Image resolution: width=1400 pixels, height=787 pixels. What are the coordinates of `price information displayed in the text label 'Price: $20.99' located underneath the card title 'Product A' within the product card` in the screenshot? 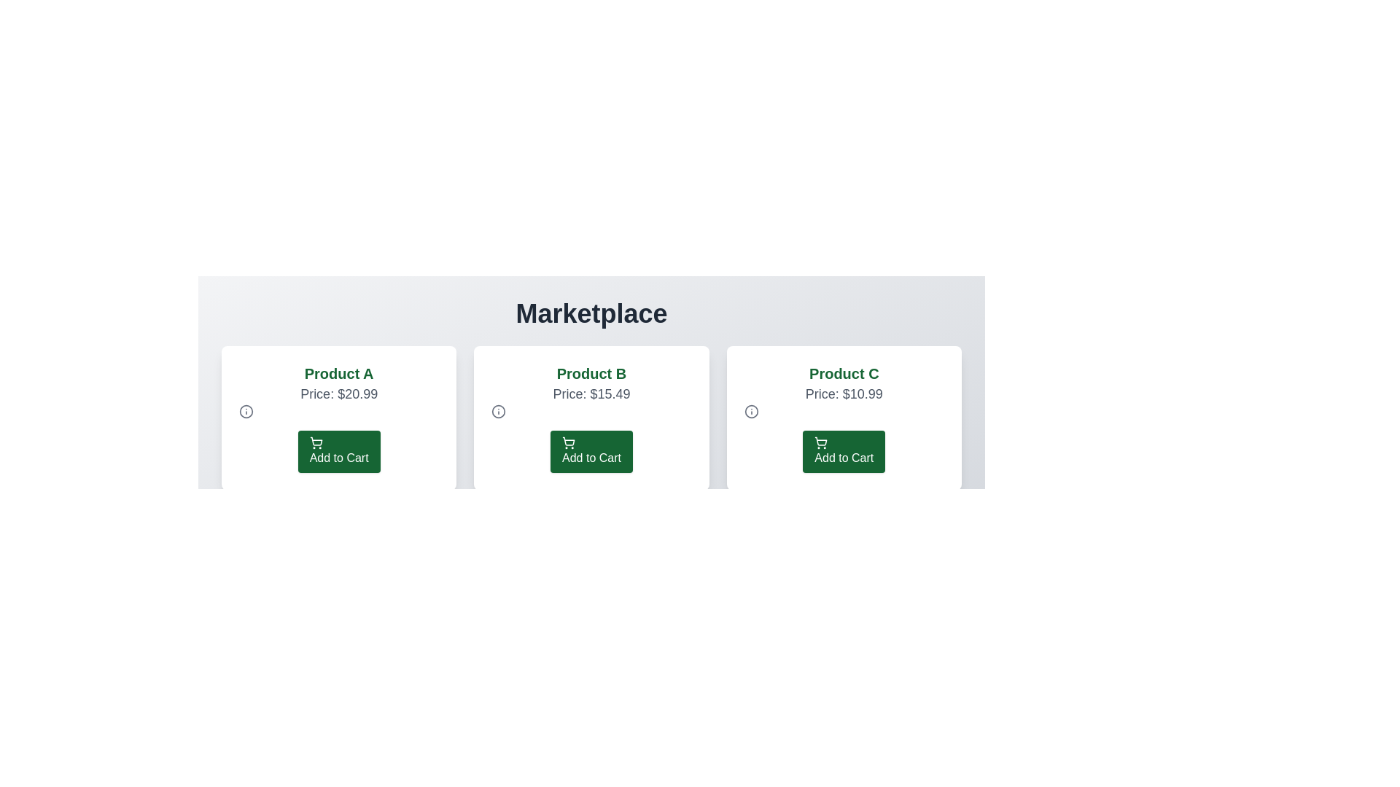 It's located at (338, 393).